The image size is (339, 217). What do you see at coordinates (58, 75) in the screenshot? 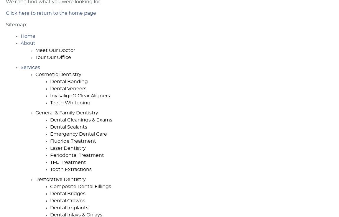
I see `'Cosmetic Dentistry'` at bounding box center [58, 75].